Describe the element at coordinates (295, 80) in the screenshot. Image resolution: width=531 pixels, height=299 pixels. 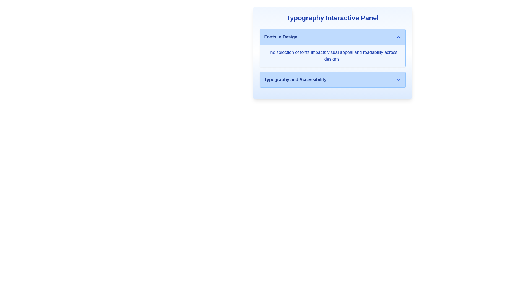
I see `the text label that reads 'Typography and Accessibility', which is styled in bold deep blue color and located within a light blue rectangular section` at that location.